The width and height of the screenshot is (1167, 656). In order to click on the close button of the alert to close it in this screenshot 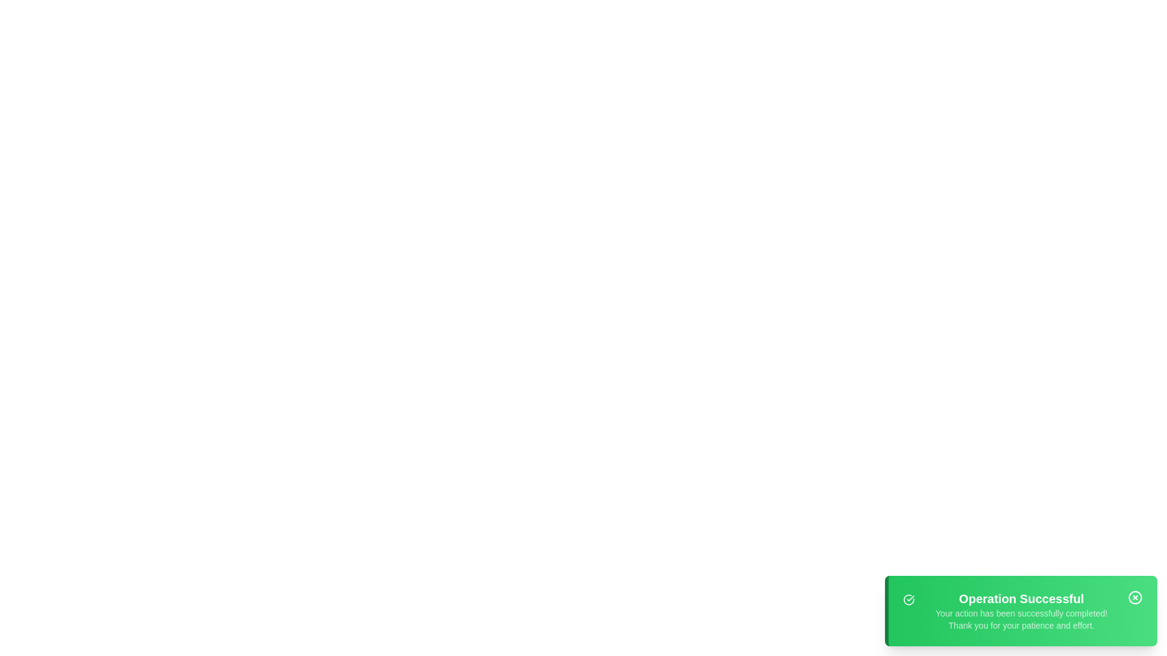, I will do `click(1134, 596)`.